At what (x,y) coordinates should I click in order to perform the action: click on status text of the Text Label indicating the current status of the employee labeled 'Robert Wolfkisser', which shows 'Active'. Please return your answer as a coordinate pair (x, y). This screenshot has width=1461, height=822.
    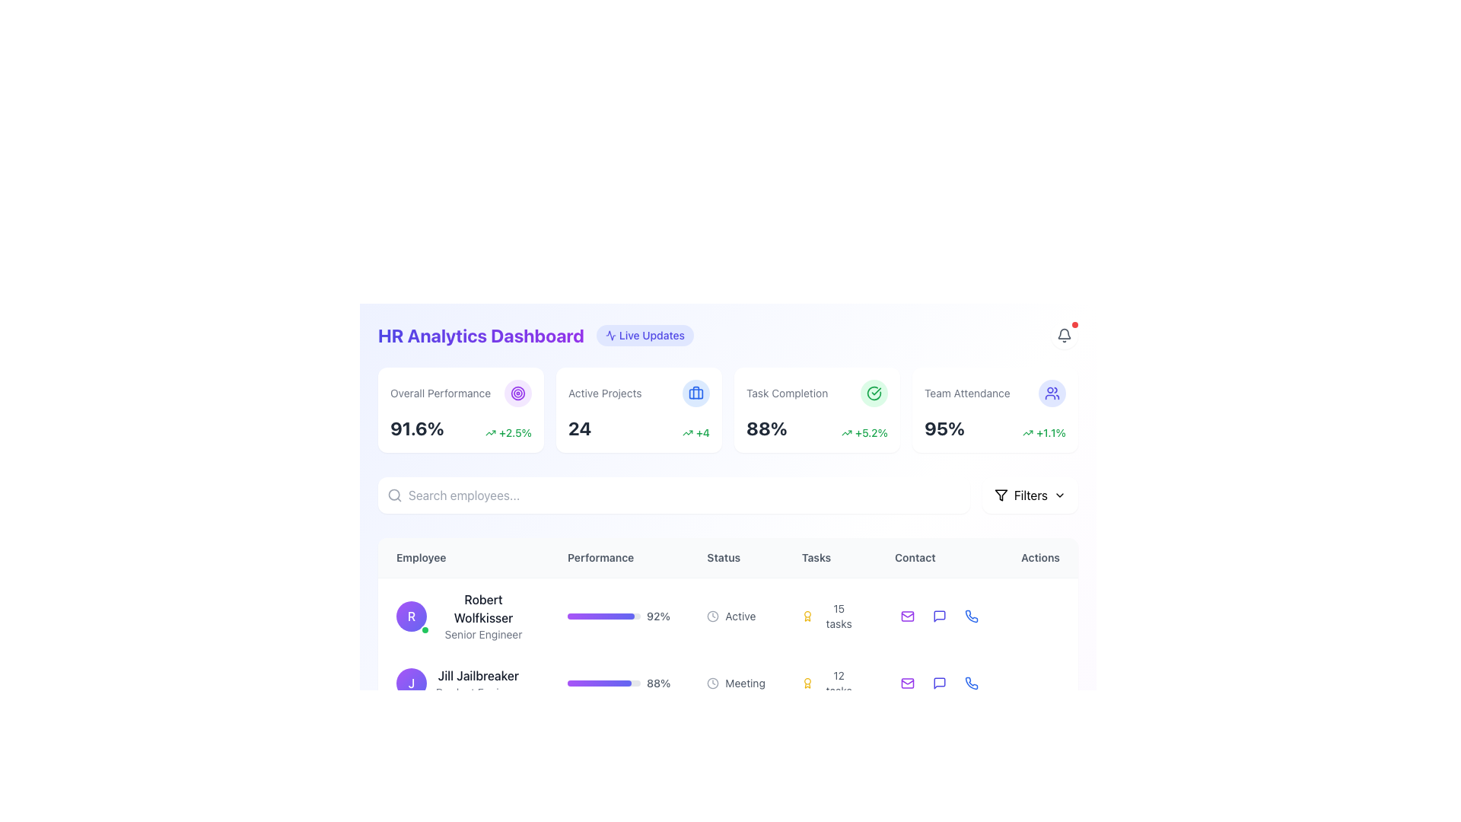
    Looking at the image, I should click on (740, 616).